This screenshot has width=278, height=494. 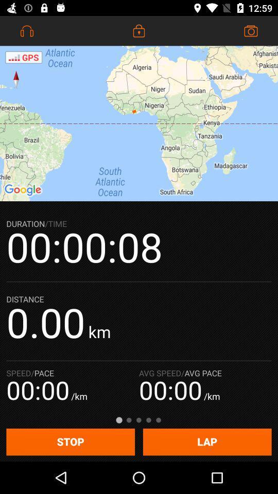 What do you see at coordinates (250, 30) in the screenshot?
I see `the shop icon` at bounding box center [250, 30].